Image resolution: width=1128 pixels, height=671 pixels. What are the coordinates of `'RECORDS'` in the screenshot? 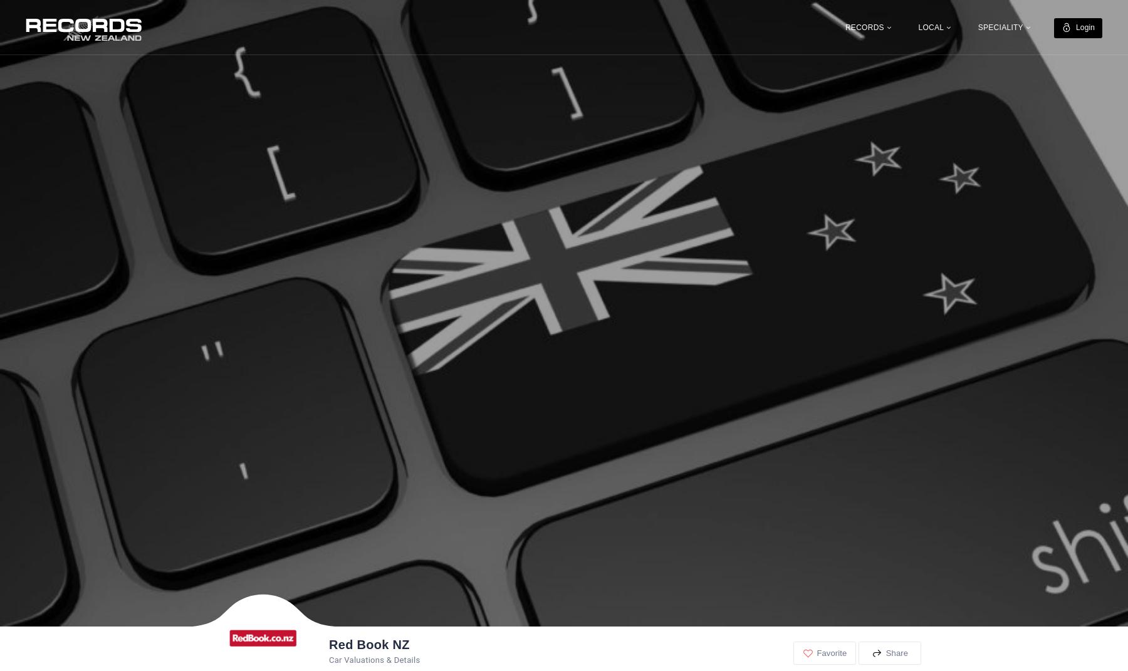 It's located at (863, 27).